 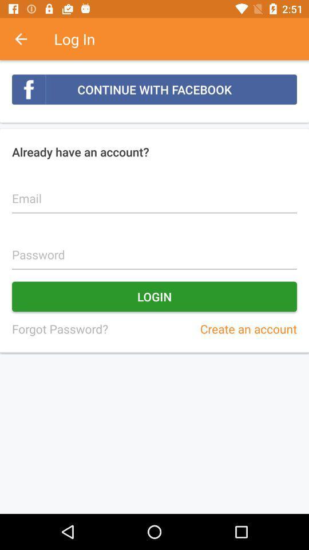 What do you see at coordinates (154, 192) in the screenshot?
I see `text into field` at bounding box center [154, 192].